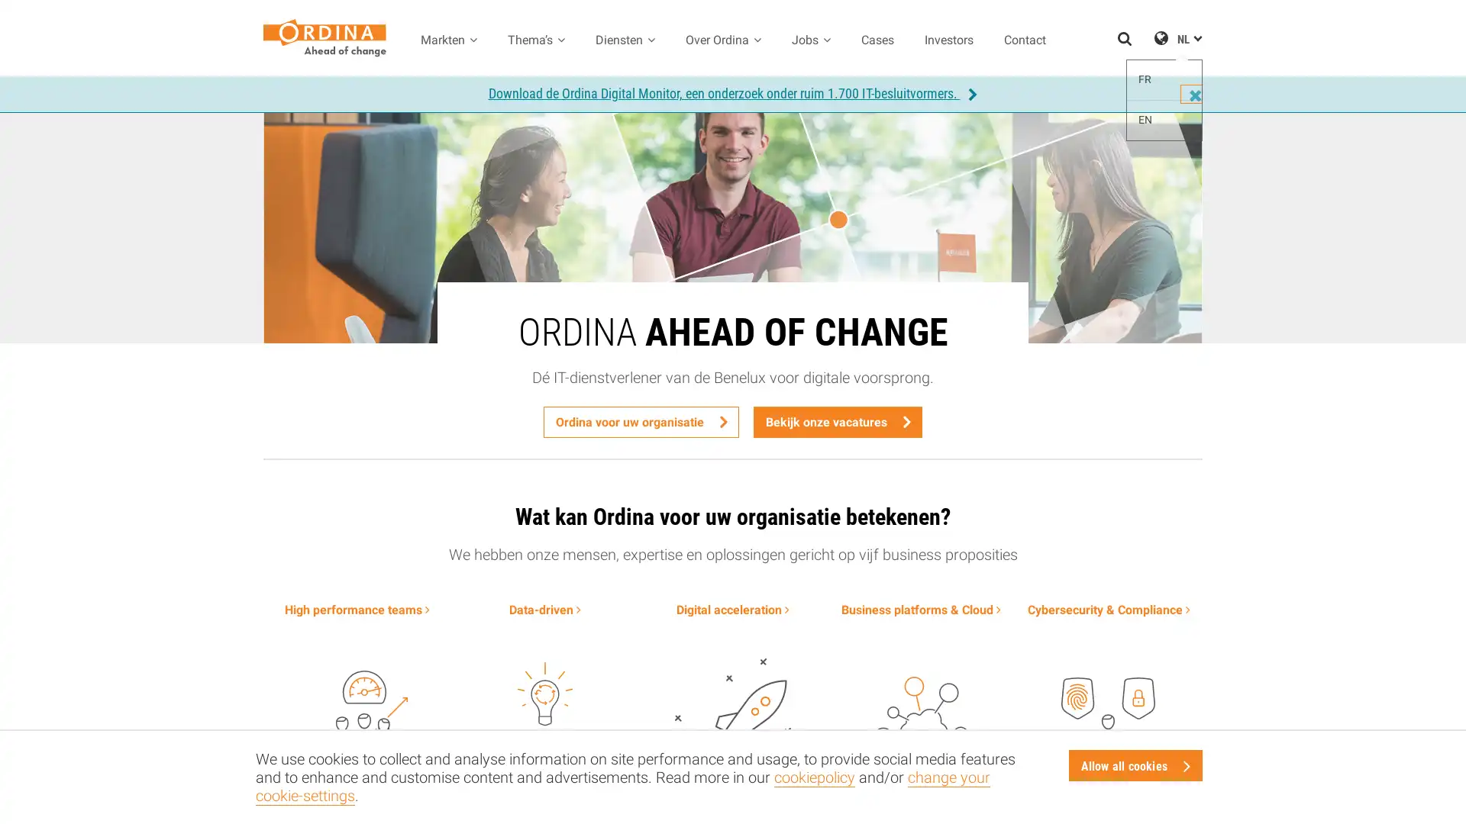 The image size is (1466, 824). I want to click on Allow all cookies, so click(1135, 765).